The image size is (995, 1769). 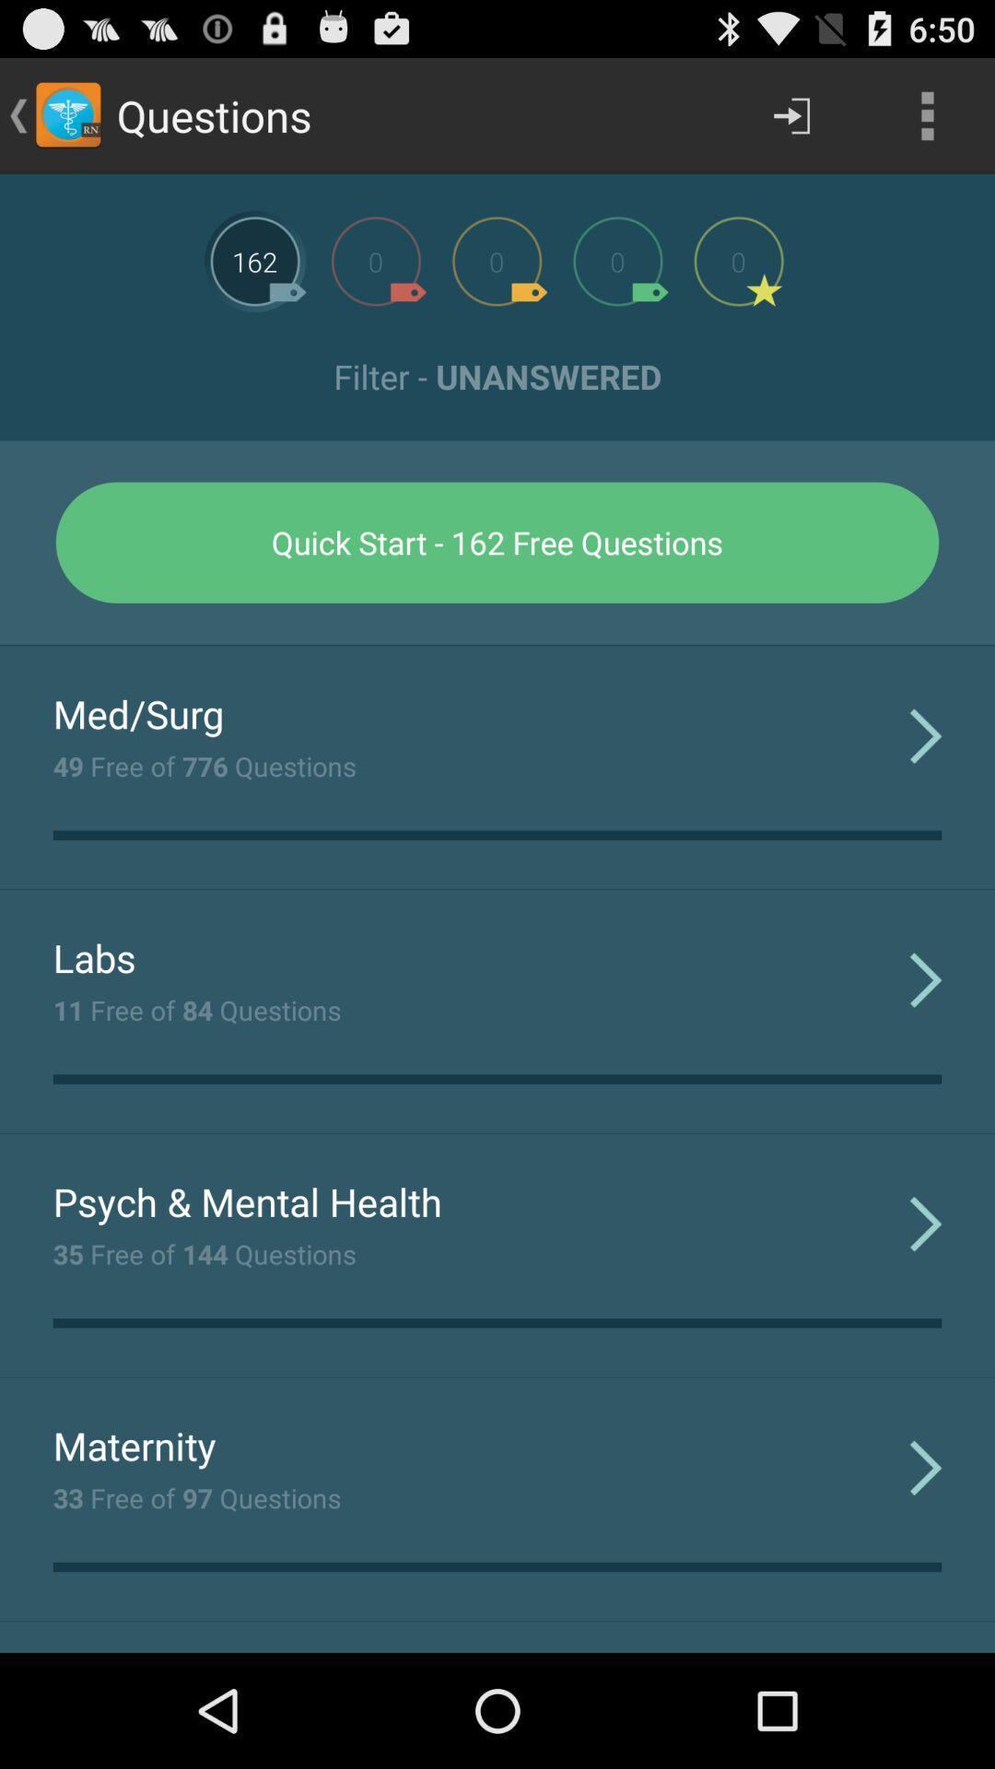 What do you see at coordinates (137, 712) in the screenshot?
I see `item above the 49 free of icon` at bounding box center [137, 712].